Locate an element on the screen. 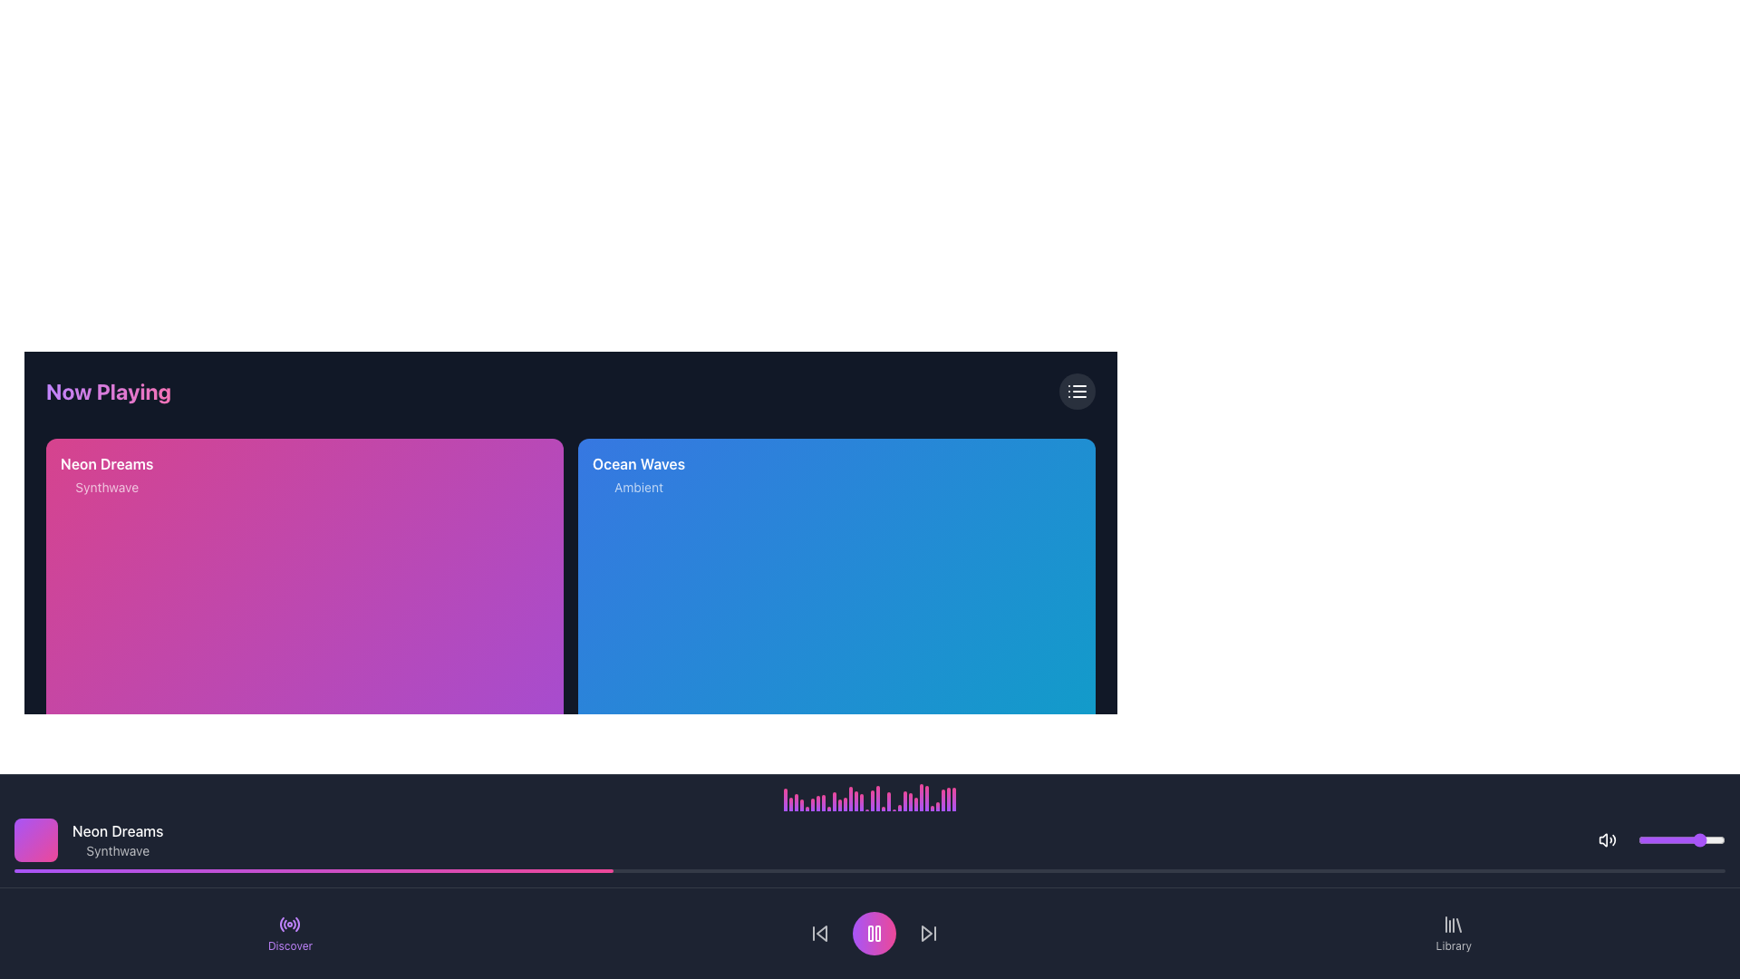  the 24th Visualization bar, which is part of a sequence of vertical bars above the media control section of the interface is located at coordinates (904, 806).